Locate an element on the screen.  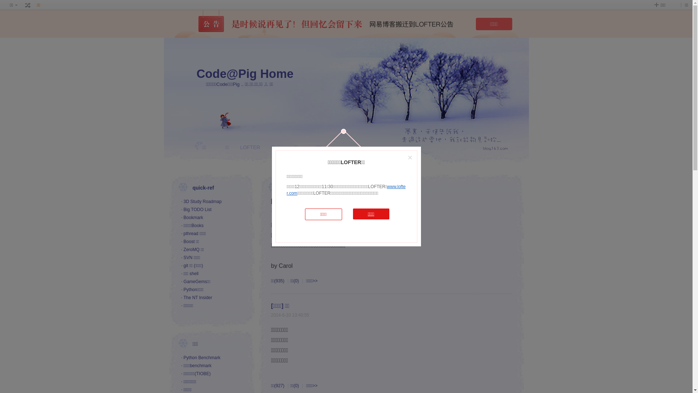
'Big TODO List' is located at coordinates (197, 209).